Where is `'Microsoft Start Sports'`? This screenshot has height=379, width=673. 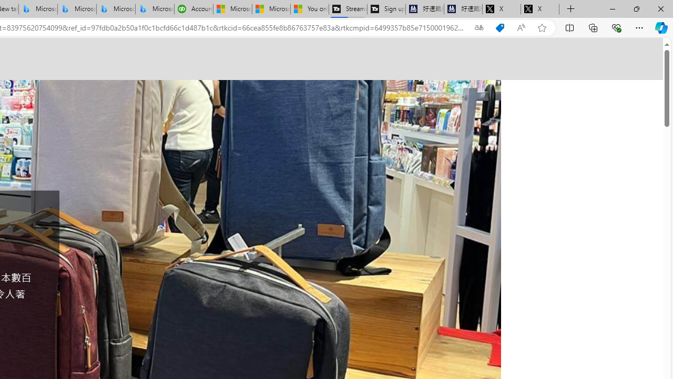 'Microsoft Start Sports' is located at coordinates (232, 9).